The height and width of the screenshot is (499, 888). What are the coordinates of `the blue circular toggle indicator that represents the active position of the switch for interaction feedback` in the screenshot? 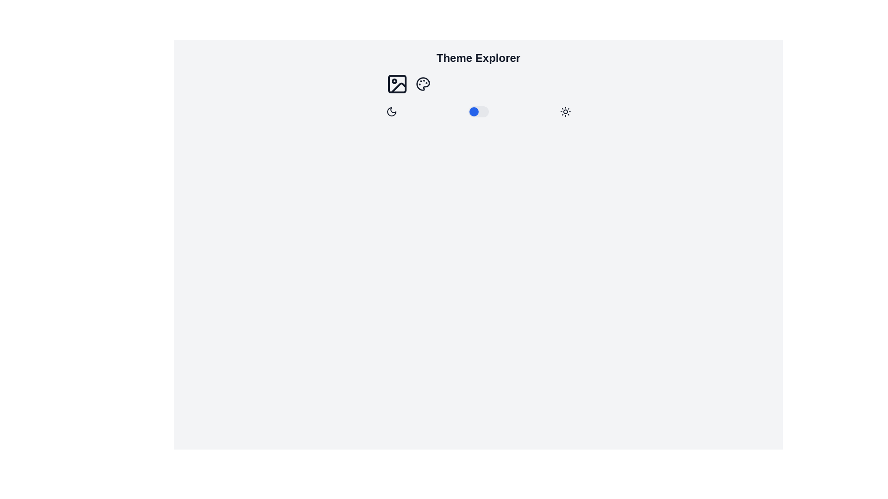 It's located at (474, 111).